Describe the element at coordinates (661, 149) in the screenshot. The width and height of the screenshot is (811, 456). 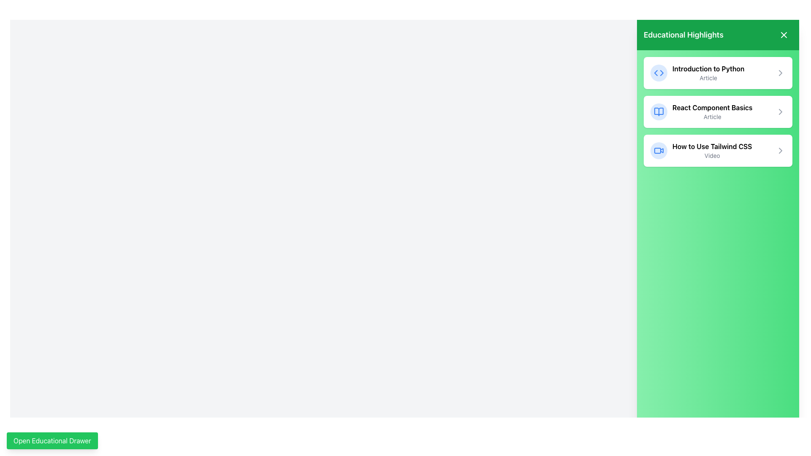
I see `properties of the small triangular icon located at the right side of the video icon within the 'How to Use Tailwind CSS' card` at that location.